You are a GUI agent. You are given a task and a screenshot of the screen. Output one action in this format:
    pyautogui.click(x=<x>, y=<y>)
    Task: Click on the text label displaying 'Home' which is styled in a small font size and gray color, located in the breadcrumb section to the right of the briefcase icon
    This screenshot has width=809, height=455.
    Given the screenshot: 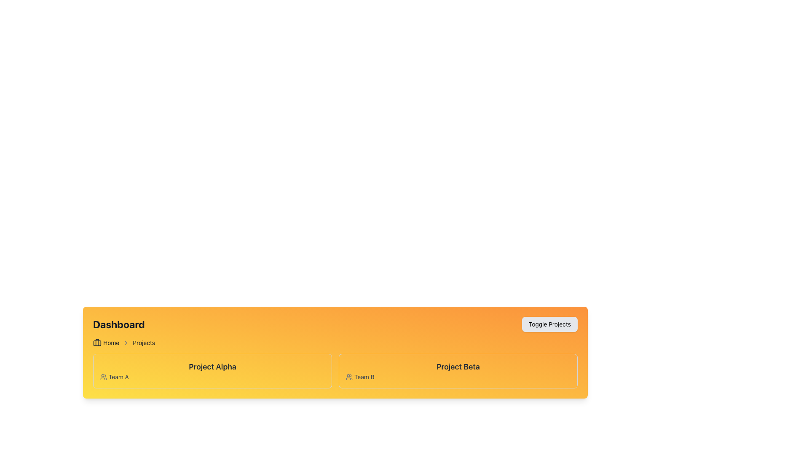 What is the action you would take?
    pyautogui.click(x=111, y=343)
    